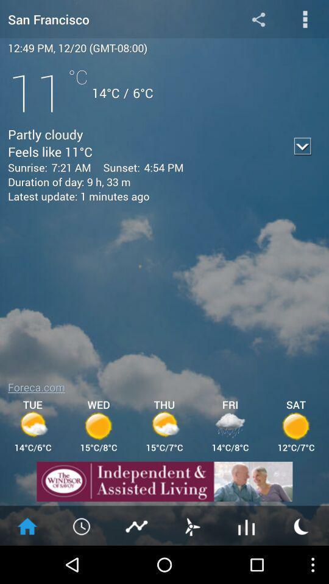 This screenshot has width=329, height=584. Describe the element at coordinates (136, 525) in the screenshot. I see `see share` at that location.